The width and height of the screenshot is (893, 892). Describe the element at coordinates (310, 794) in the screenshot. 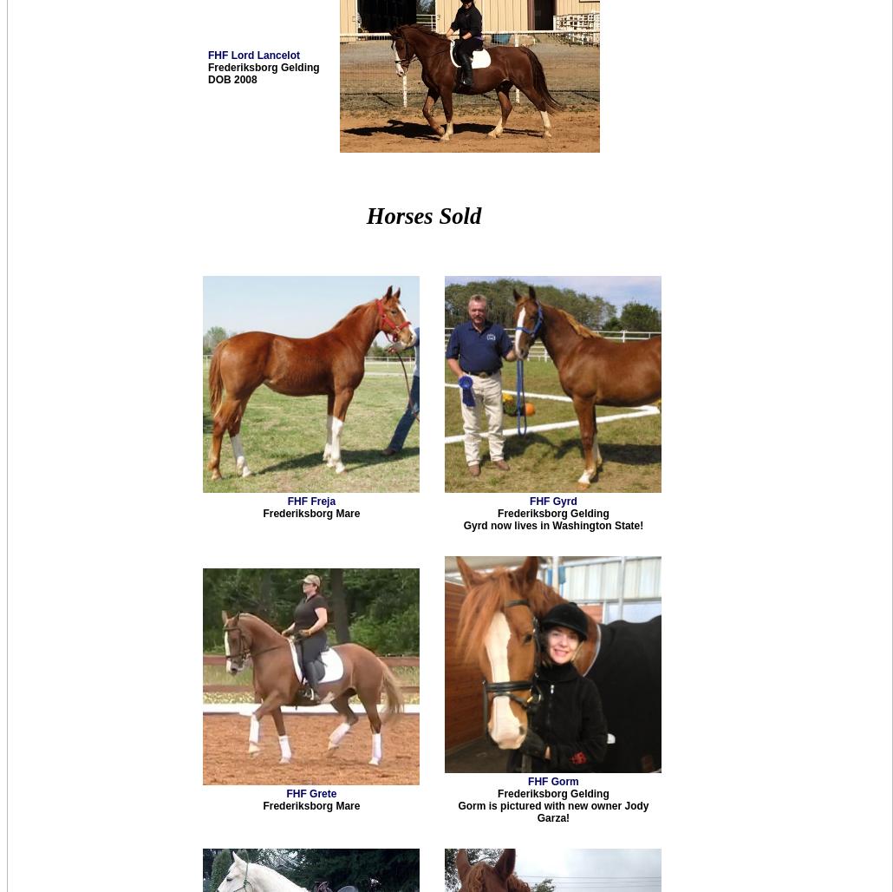

I see `'FHF Grete'` at that location.